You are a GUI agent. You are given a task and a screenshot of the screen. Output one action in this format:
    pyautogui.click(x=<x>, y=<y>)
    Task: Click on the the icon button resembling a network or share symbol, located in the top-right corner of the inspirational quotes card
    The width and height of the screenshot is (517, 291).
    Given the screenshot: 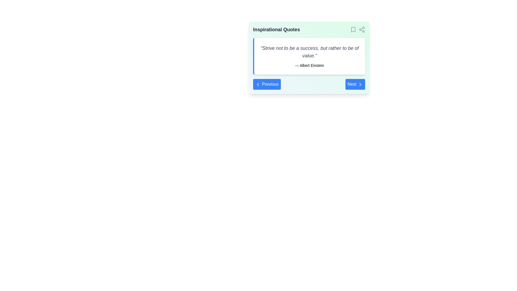 What is the action you would take?
    pyautogui.click(x=362, y=30)
    